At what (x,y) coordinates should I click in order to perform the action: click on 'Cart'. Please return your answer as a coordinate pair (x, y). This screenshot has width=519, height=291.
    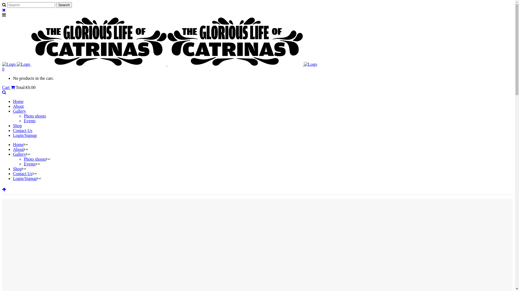
    Looking at the image, I should click on (2, 87).